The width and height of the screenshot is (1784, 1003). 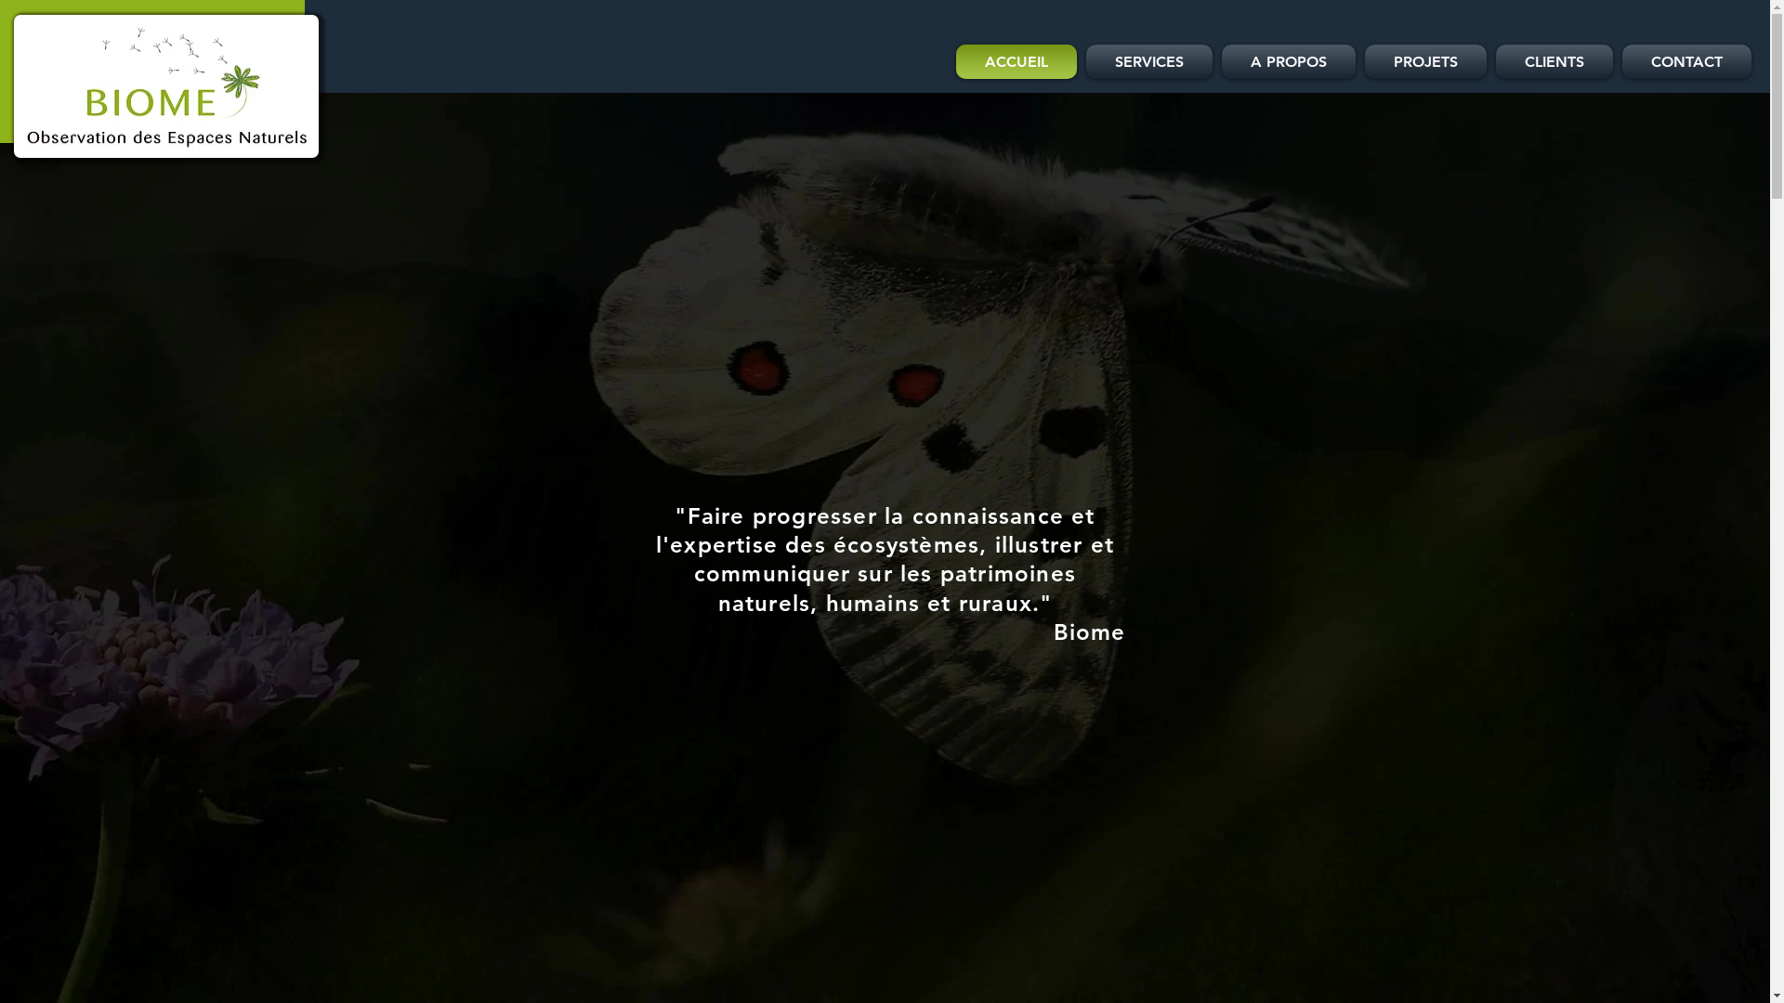 What do you see at coordinates (1288, 60) in the screenshot?
I see `'A PROPOS'` at bounding box center [1288, 60].